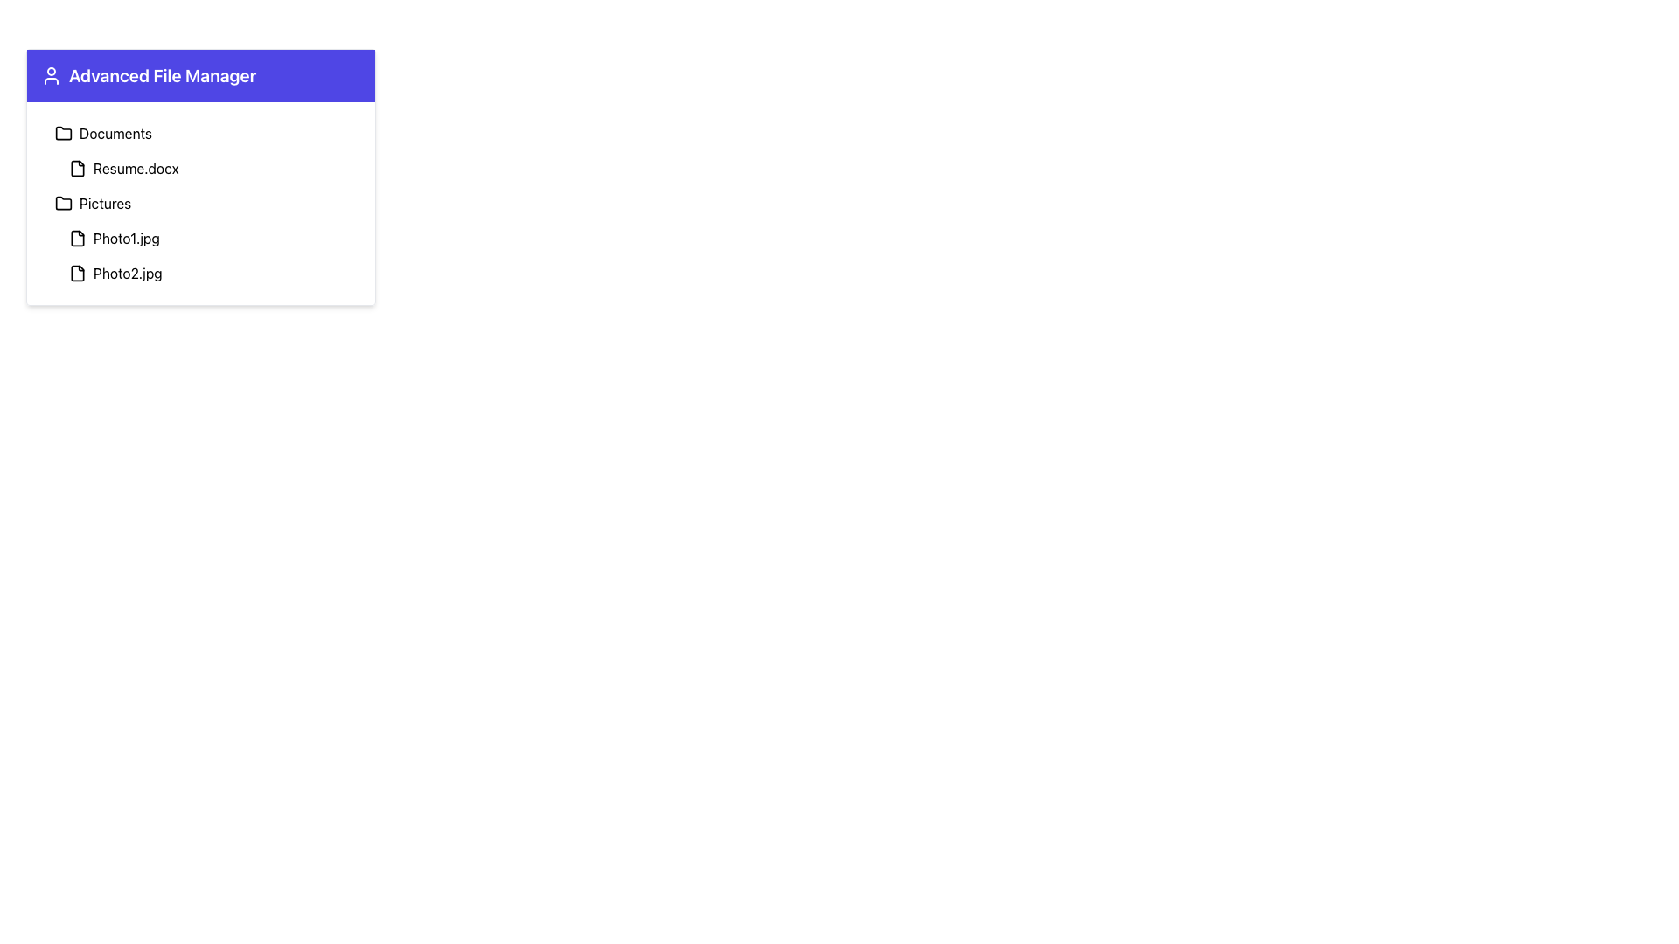  I want to click on the 'Documents' text label located in the vertical list of the 'Advanced File Manager', so click(115, 133).